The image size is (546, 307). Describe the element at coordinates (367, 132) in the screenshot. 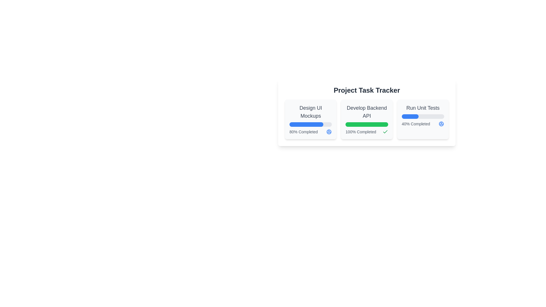

I see `the visual feedback of completion by focusing on the text label indicating '100% Completed' with the adjacent checkmark icon, located beneath the progress bar in the 'Develop Backend API' card` at that location.